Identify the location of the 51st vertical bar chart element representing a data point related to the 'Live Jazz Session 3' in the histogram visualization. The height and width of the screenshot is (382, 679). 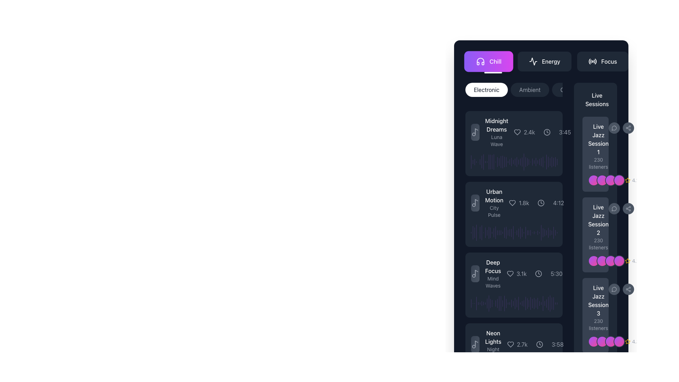
(553, 374).